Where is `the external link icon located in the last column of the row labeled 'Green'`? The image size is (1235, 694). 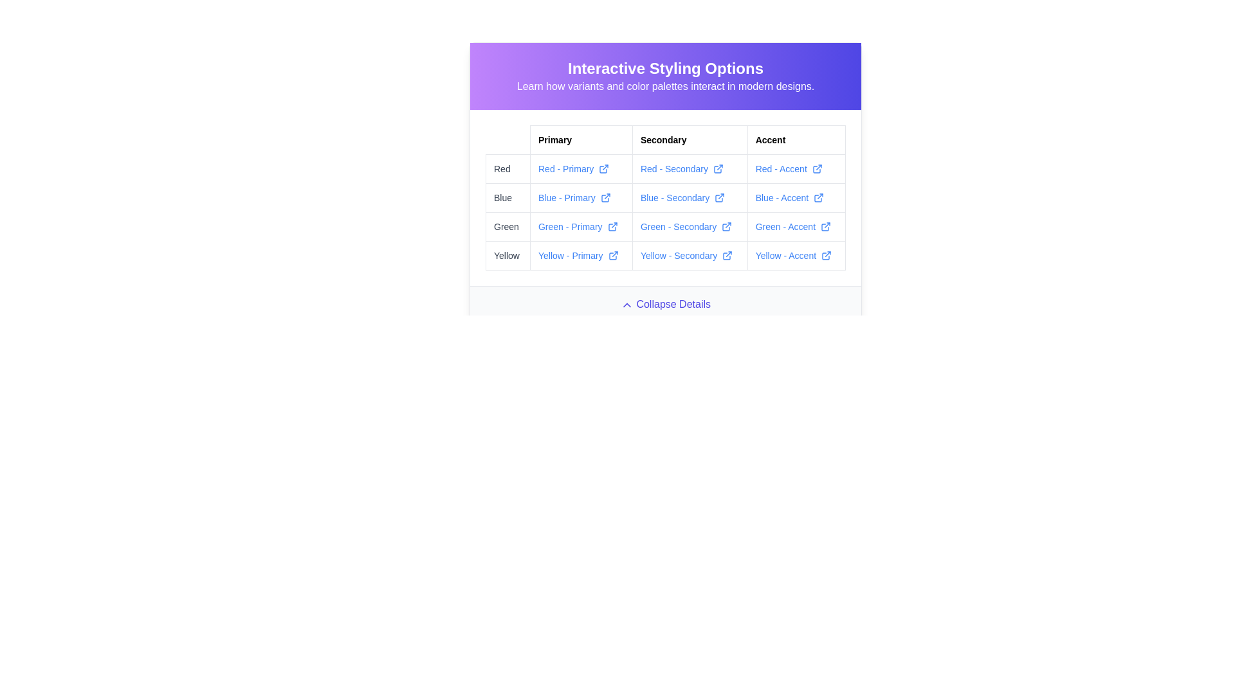
the external link icon located in the last column of the row labeled 'Green' is located at coordinates (726, 227).